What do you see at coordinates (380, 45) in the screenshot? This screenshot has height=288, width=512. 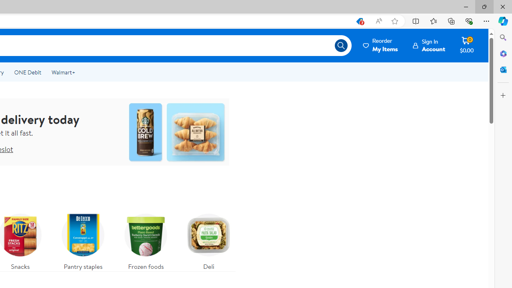 I see `'Reorder My Items'` at bounding box center [380, 45].